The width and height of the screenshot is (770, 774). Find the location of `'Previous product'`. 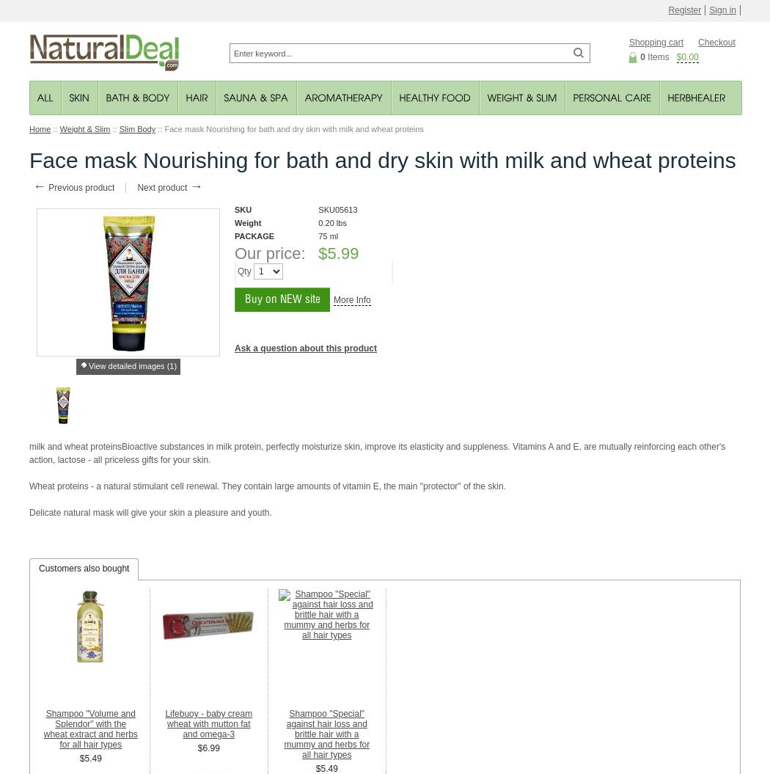

'Previous product' is located at coordinates (45, 188).